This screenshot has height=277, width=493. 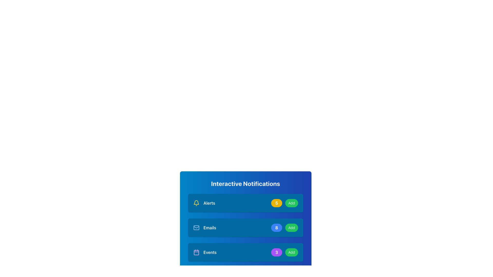 What do you see at coordinates (196, 252) in the screenshot?
I see `the central rectangular component of the calendar icon in the Events row, which visually represents the main body of the calendar` at bounding box center [196, 252].